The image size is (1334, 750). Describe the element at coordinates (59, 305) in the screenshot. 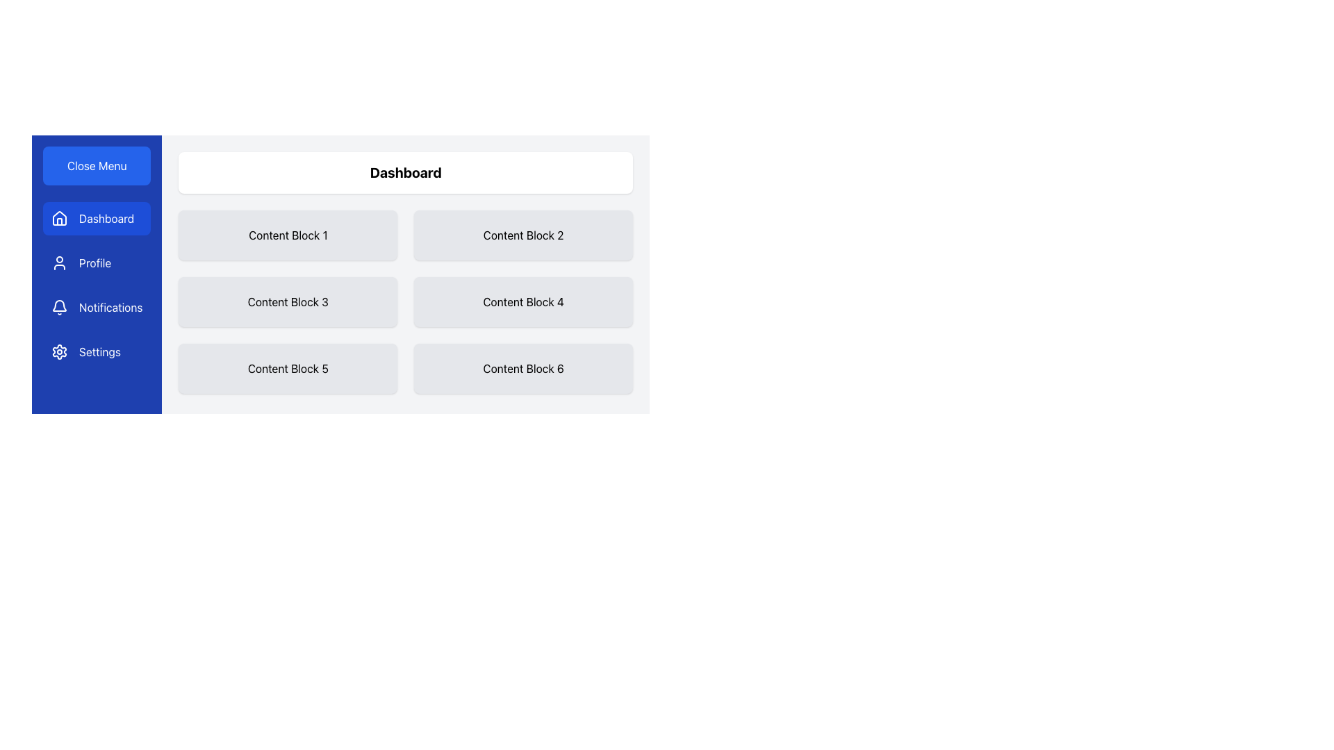

I see `the bell icon located in the 'Notifications' section of the navigation menu, which is directly below the 'Profile' menu item` at that location.